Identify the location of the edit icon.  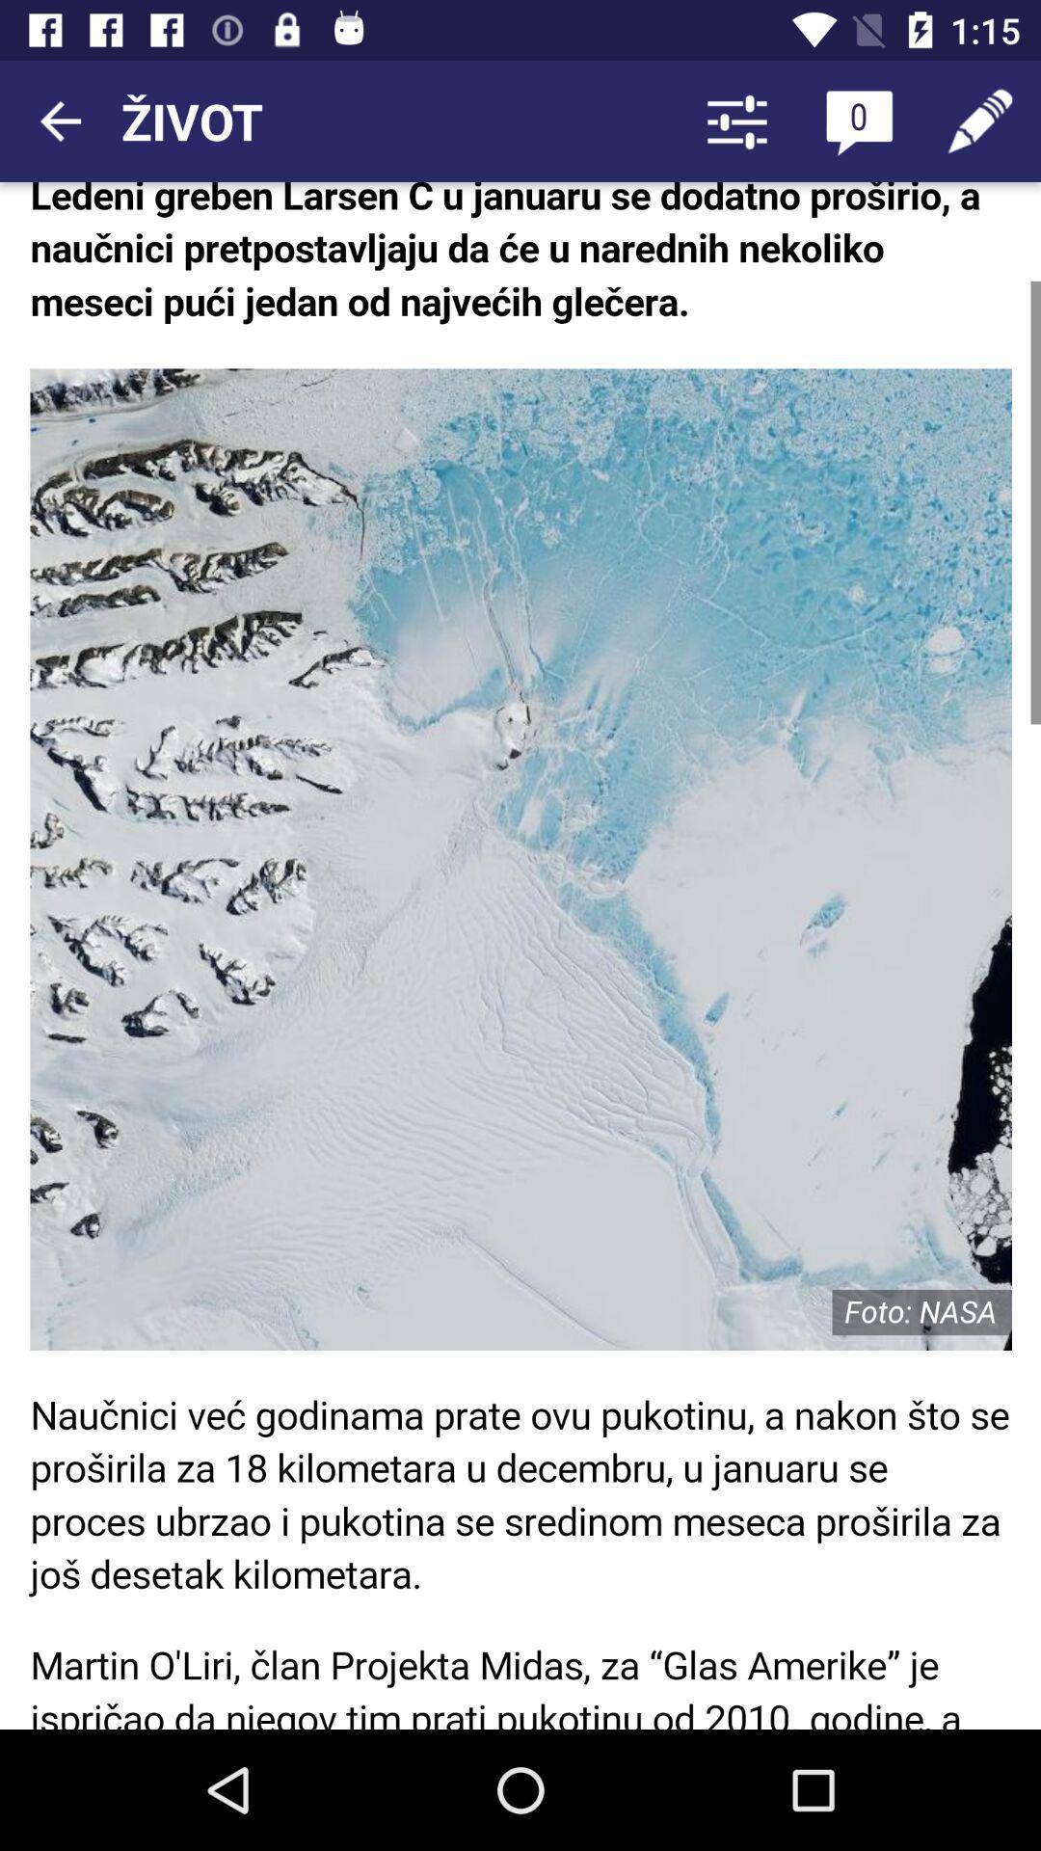
(980, 120).